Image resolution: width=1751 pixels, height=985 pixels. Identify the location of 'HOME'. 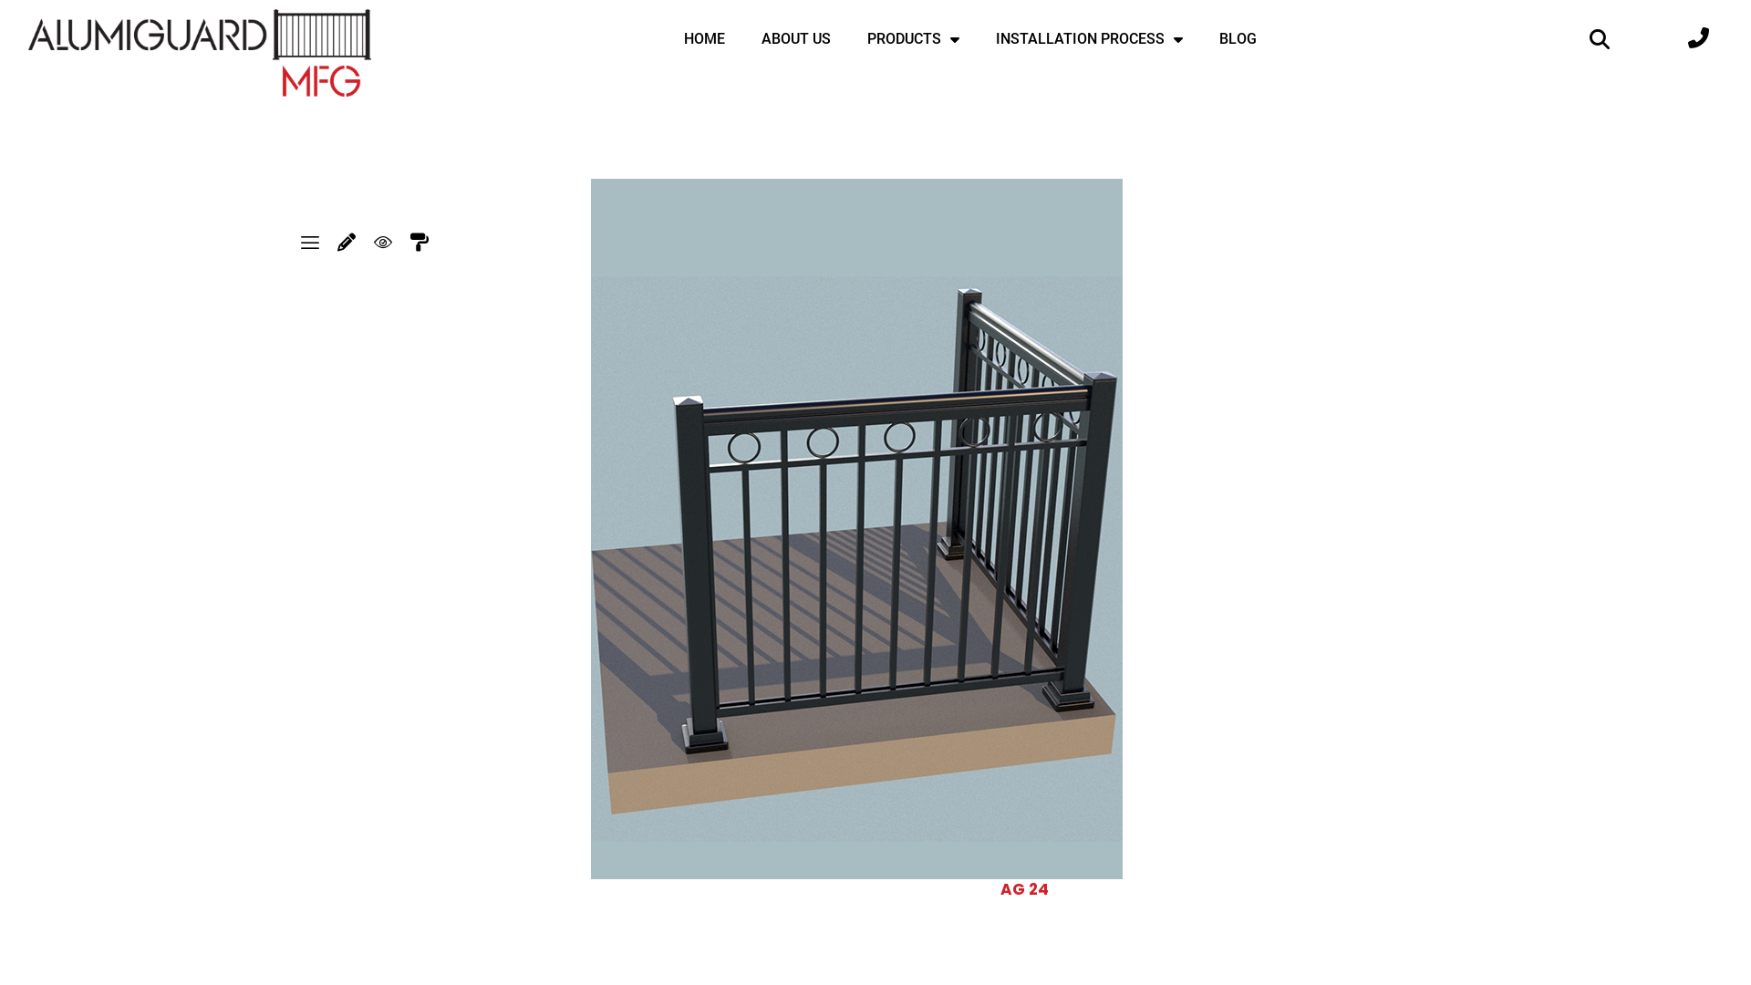
(664, 38).